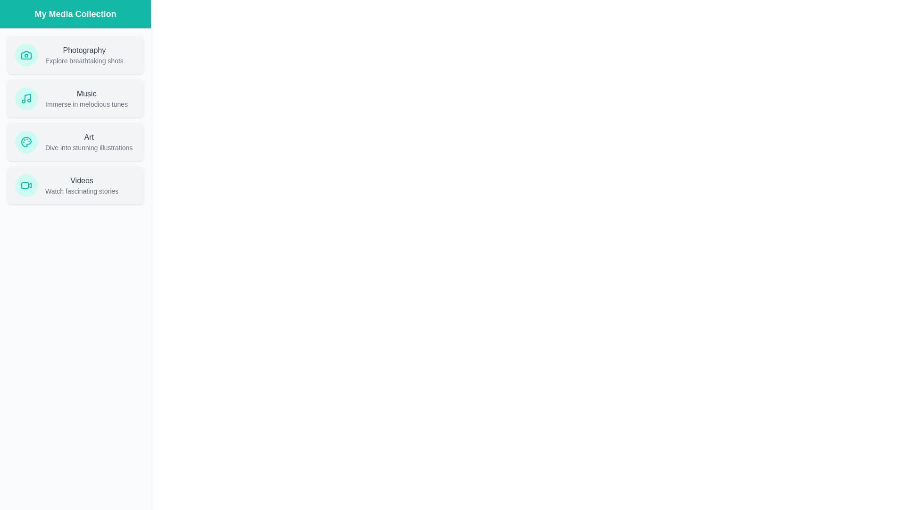 The height and width of the screenshot is (510, 906). Describe the element at coordinates (75, 98) in the screenshot. I see `the media card representing Music` at that location.